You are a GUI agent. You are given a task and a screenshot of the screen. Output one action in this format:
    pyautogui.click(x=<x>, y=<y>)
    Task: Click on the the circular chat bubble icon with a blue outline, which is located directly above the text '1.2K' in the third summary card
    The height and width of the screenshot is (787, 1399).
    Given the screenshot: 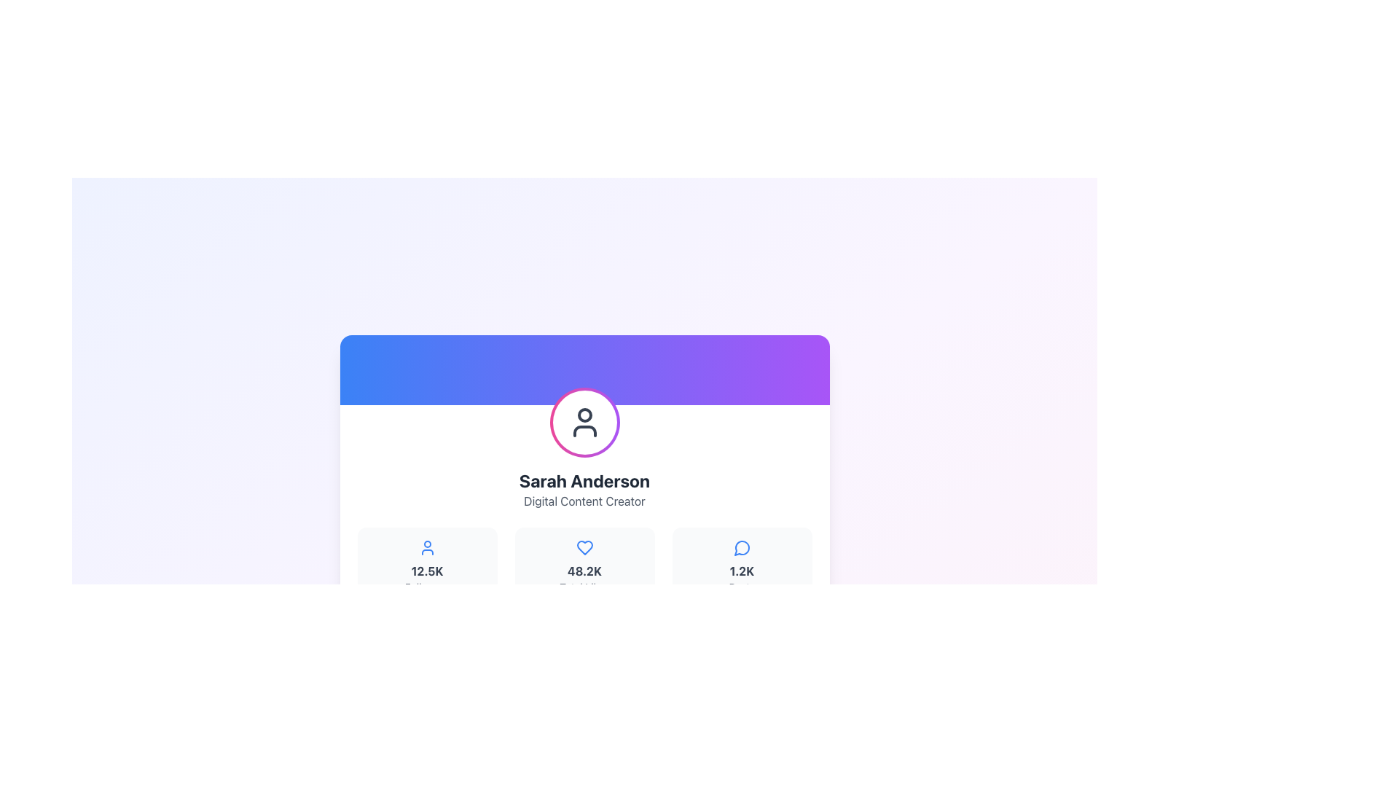 What is the action you would take?
    pyautogui.click(x=742, y=548)
    